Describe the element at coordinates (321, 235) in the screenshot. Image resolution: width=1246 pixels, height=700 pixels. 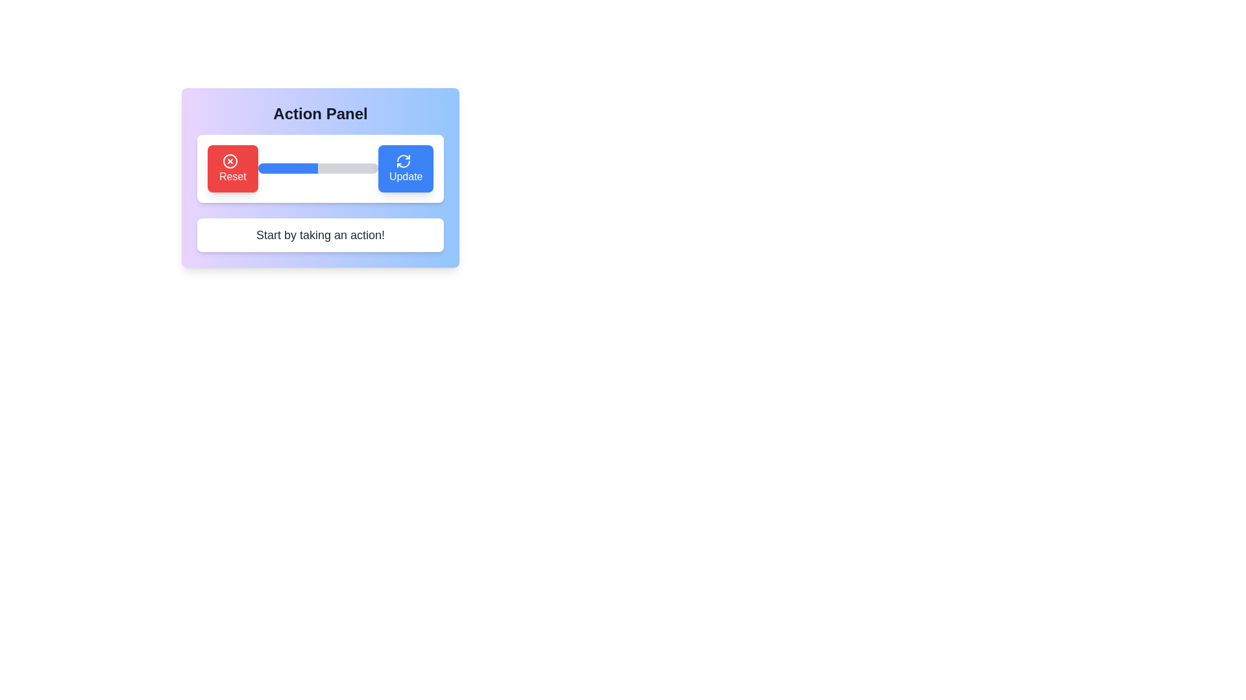
I see `the informational text box located at the bottom of the 'Action Panel', directly below the 'Reset' and 'Update' buttons and the progress bar` at that location.